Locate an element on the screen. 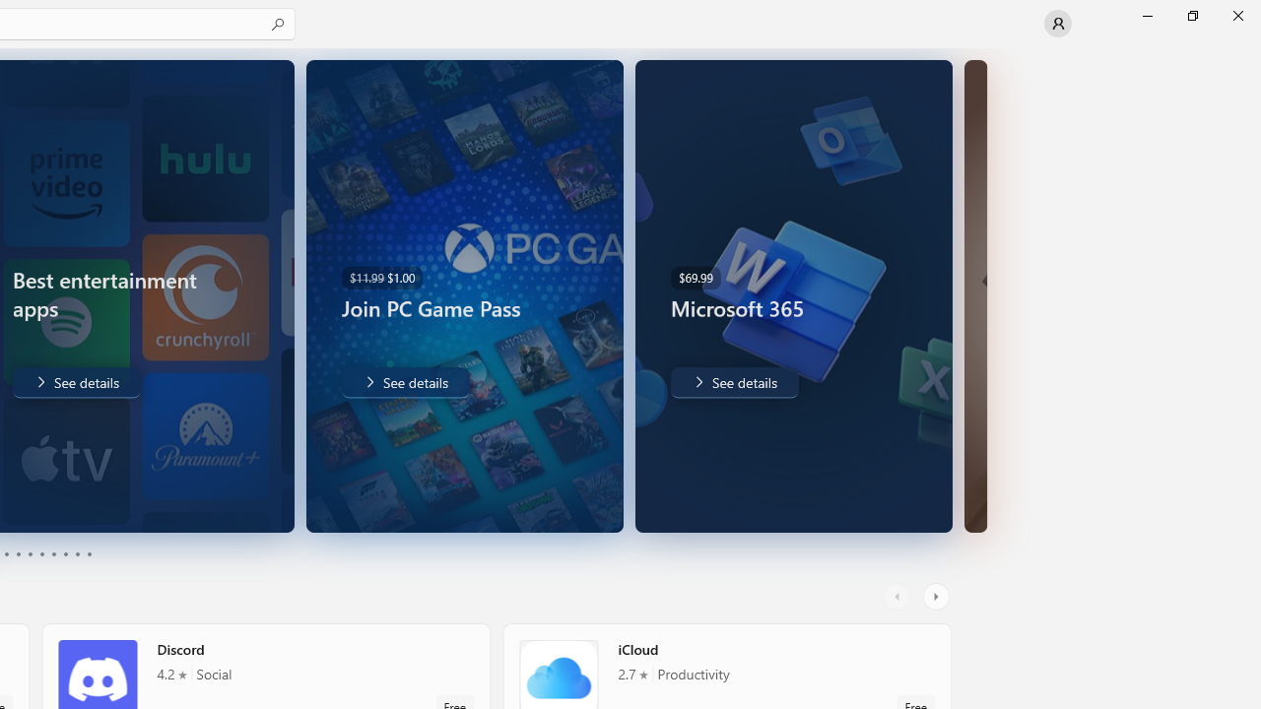 This screenshot has width=1261, height=709. 'Minimize Microsoft Store' is located at coordinates (1147, 15).